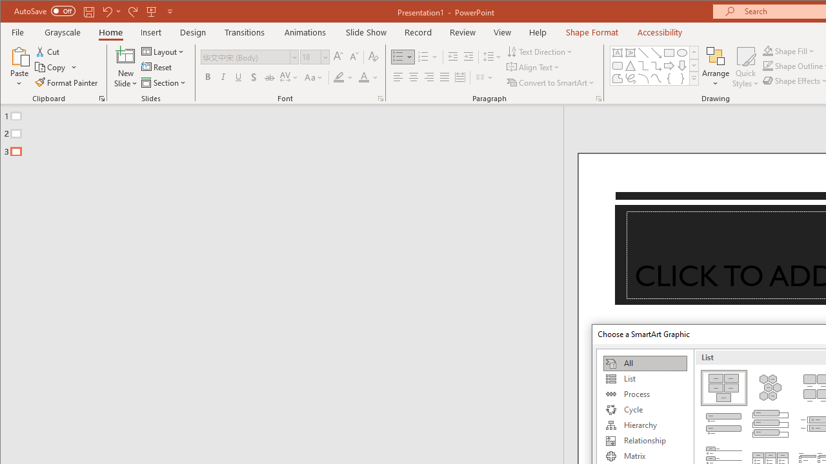 This screenshot has width=826, height=464. What do you see at coordinates (723, 387) in the screenshot?
I see `'Basic Block List'` at bounding box center [723, 387].